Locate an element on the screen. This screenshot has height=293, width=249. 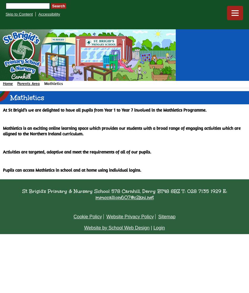
'St Brigid's Primary & Nursery School 578 Carnhill, Derry BT48 8BZ T: 028 7135 1929 E:' is located at coordinates (124, 191).